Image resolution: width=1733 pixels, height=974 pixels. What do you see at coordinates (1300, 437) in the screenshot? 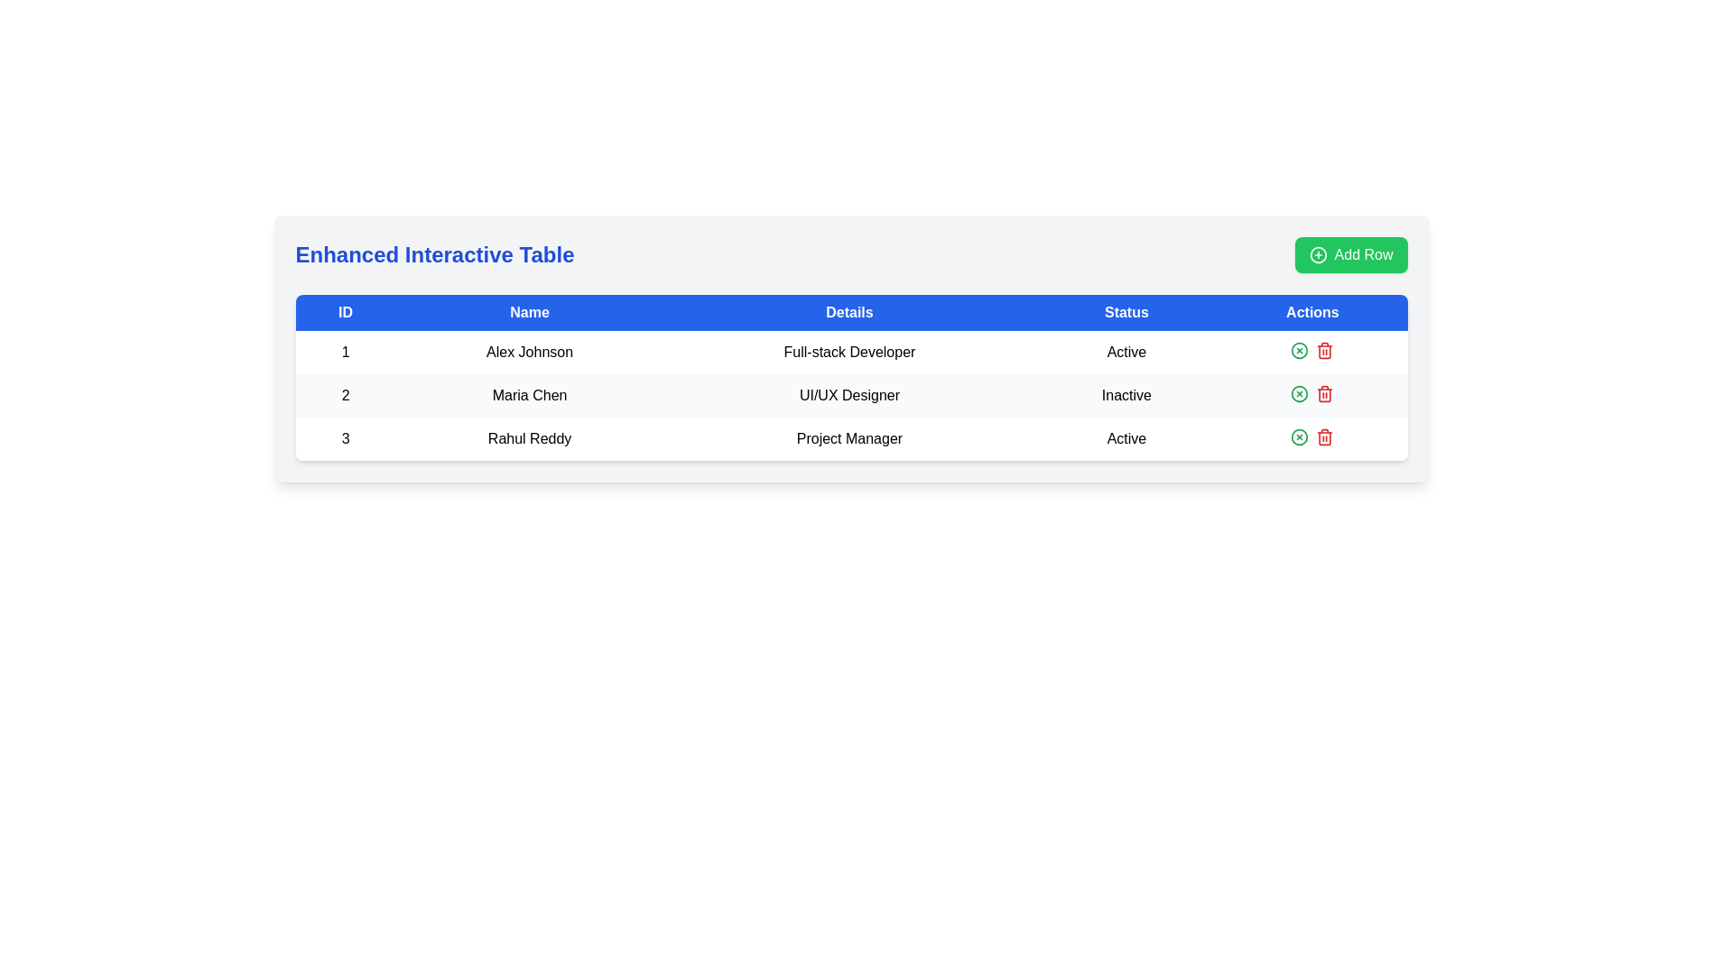
I see `the interactive approval button located in the 'Actions' column of the third row in the table, which is adjacent` at bounding box center [1300, 437].